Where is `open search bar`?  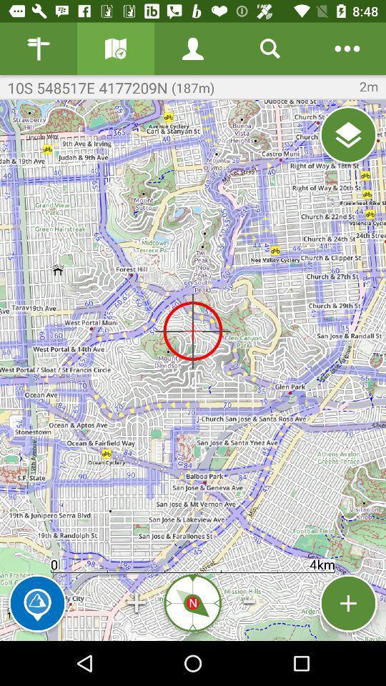
open search bar is located at coordinates (270, 49).